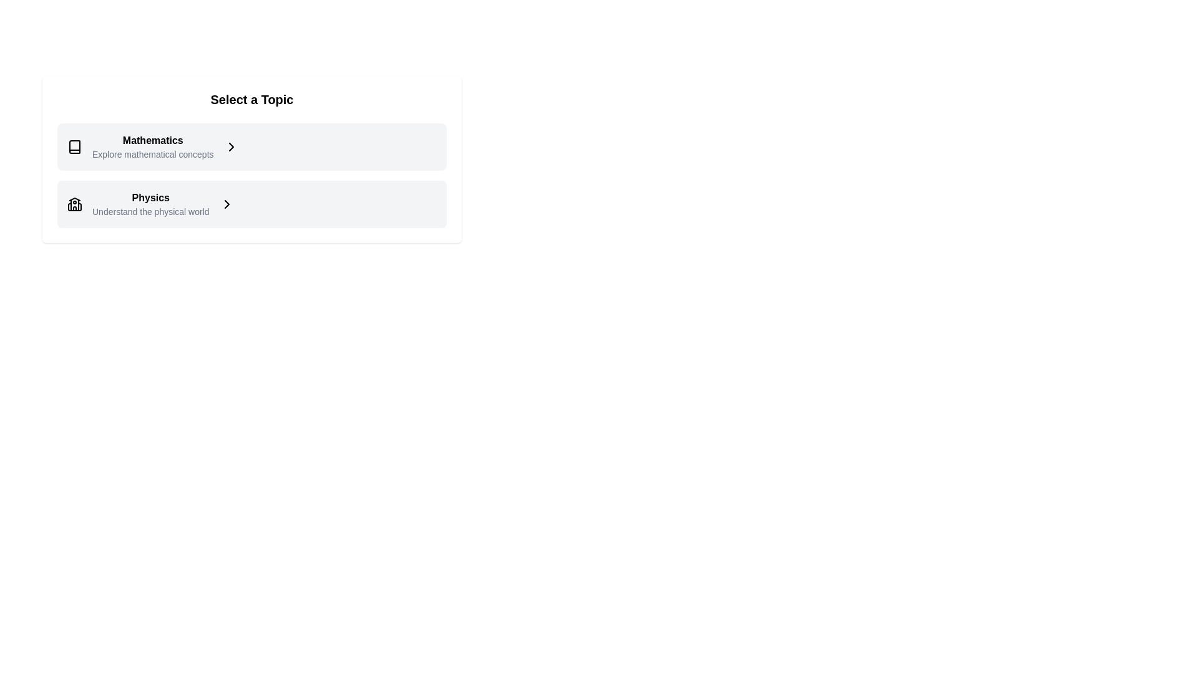 The height and width of the screenshot is (673, 1198). I want to click on the right-pointing chevron icon that represents 'Physics', located at the far right of the item's row, so click(226, 203).